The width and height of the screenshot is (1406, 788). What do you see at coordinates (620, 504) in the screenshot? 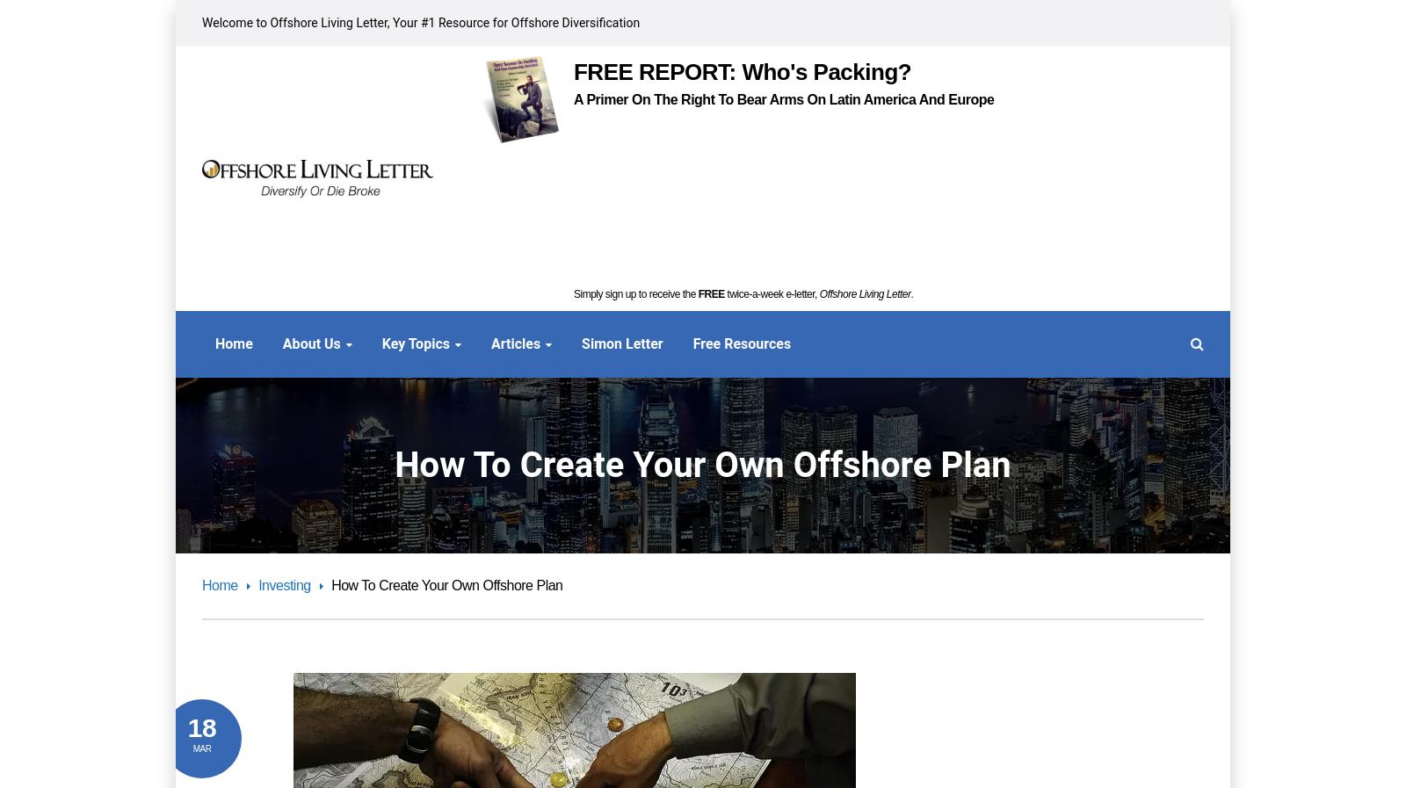
I see `'What is FATCA?'` at bounding box center [620, 504].